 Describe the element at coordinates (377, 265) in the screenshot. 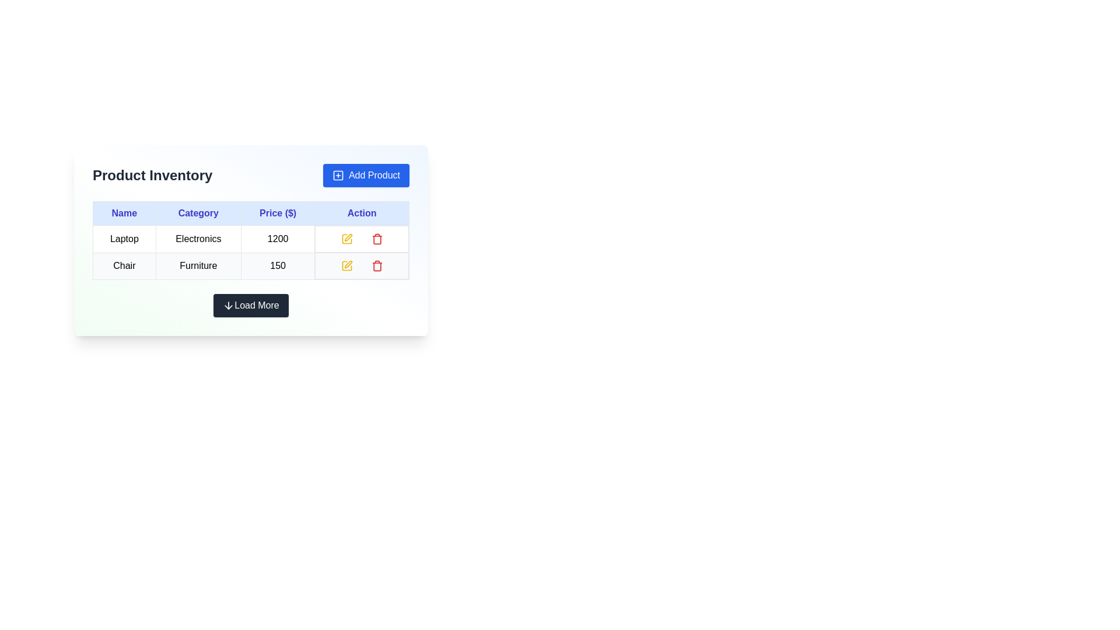

I see `the delete icon button for the 'Chair' product in the 'Product Inventory' table` at that location.